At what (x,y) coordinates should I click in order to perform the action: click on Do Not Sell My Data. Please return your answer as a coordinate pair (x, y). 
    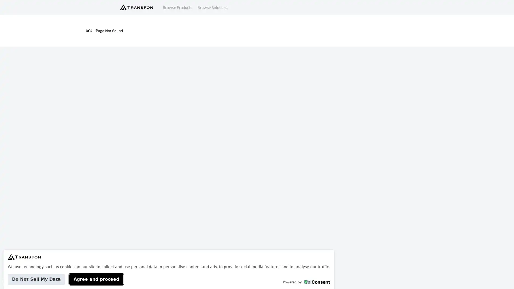
    Looking at the image, I should click on (36, 279).